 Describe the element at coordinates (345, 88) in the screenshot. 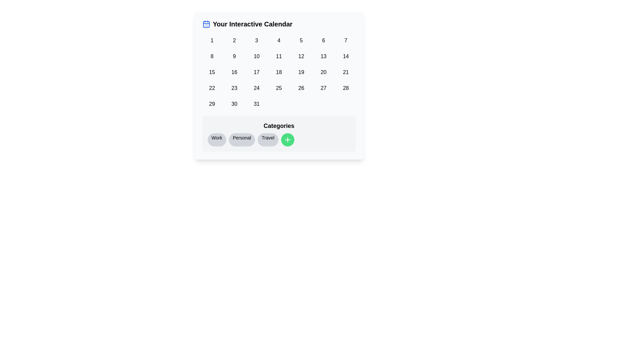

I see `the button representing the 28th day in the calendar, located on the fourth row and seventh column of the grid layout` at that location.